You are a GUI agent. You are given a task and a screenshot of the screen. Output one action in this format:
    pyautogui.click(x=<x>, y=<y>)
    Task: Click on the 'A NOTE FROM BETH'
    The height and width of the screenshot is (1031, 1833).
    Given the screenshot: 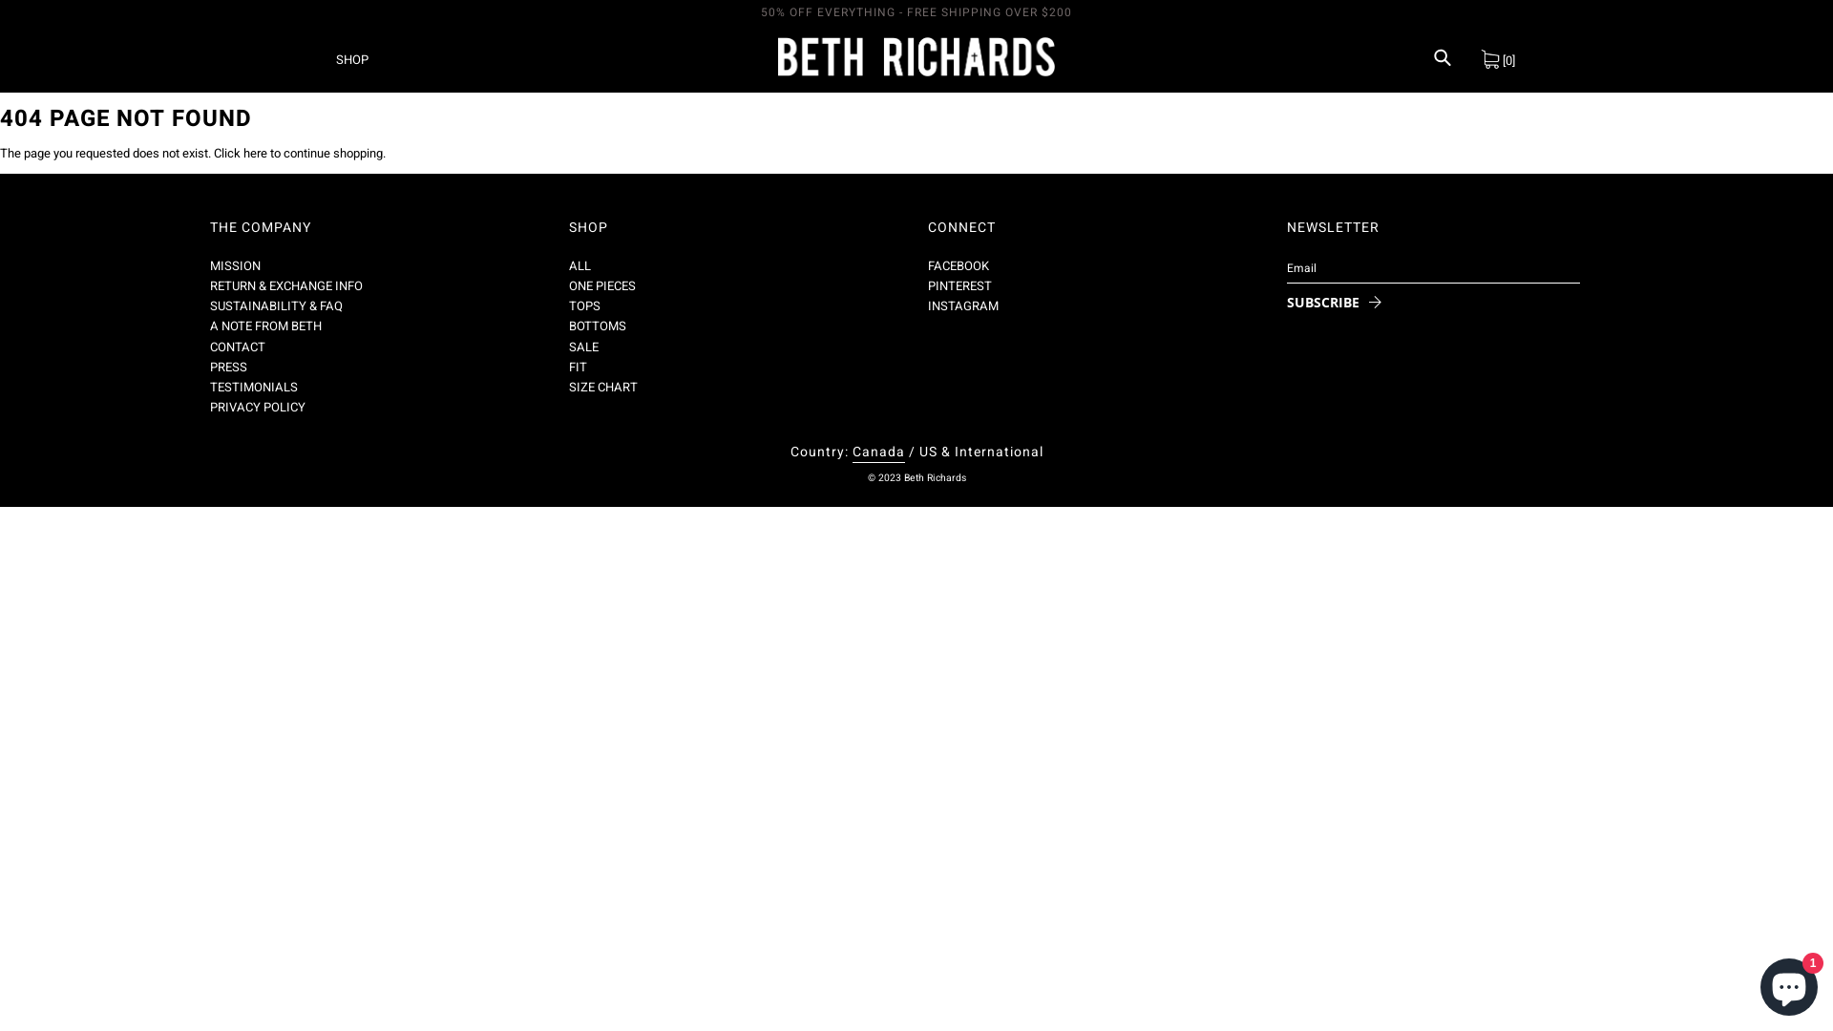 What is the action you would take?
    pyautogui.click(x=210, y=325)
    